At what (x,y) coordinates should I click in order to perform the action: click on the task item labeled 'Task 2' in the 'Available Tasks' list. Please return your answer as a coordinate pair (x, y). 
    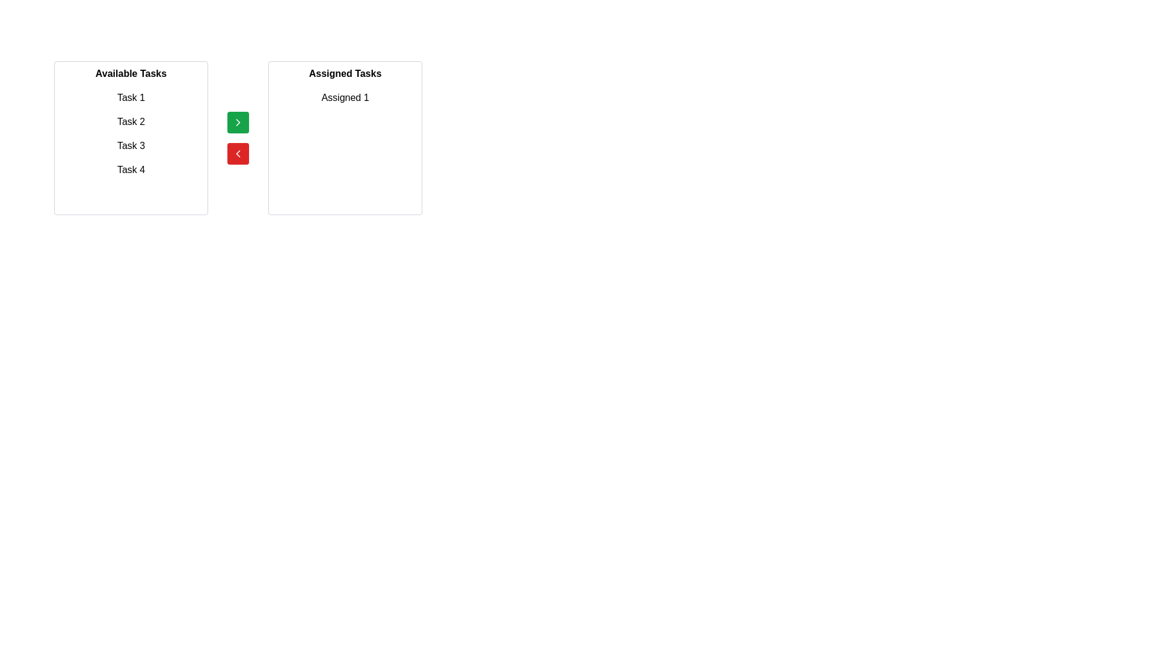
    Looking at the image, I should click on (131, 122).